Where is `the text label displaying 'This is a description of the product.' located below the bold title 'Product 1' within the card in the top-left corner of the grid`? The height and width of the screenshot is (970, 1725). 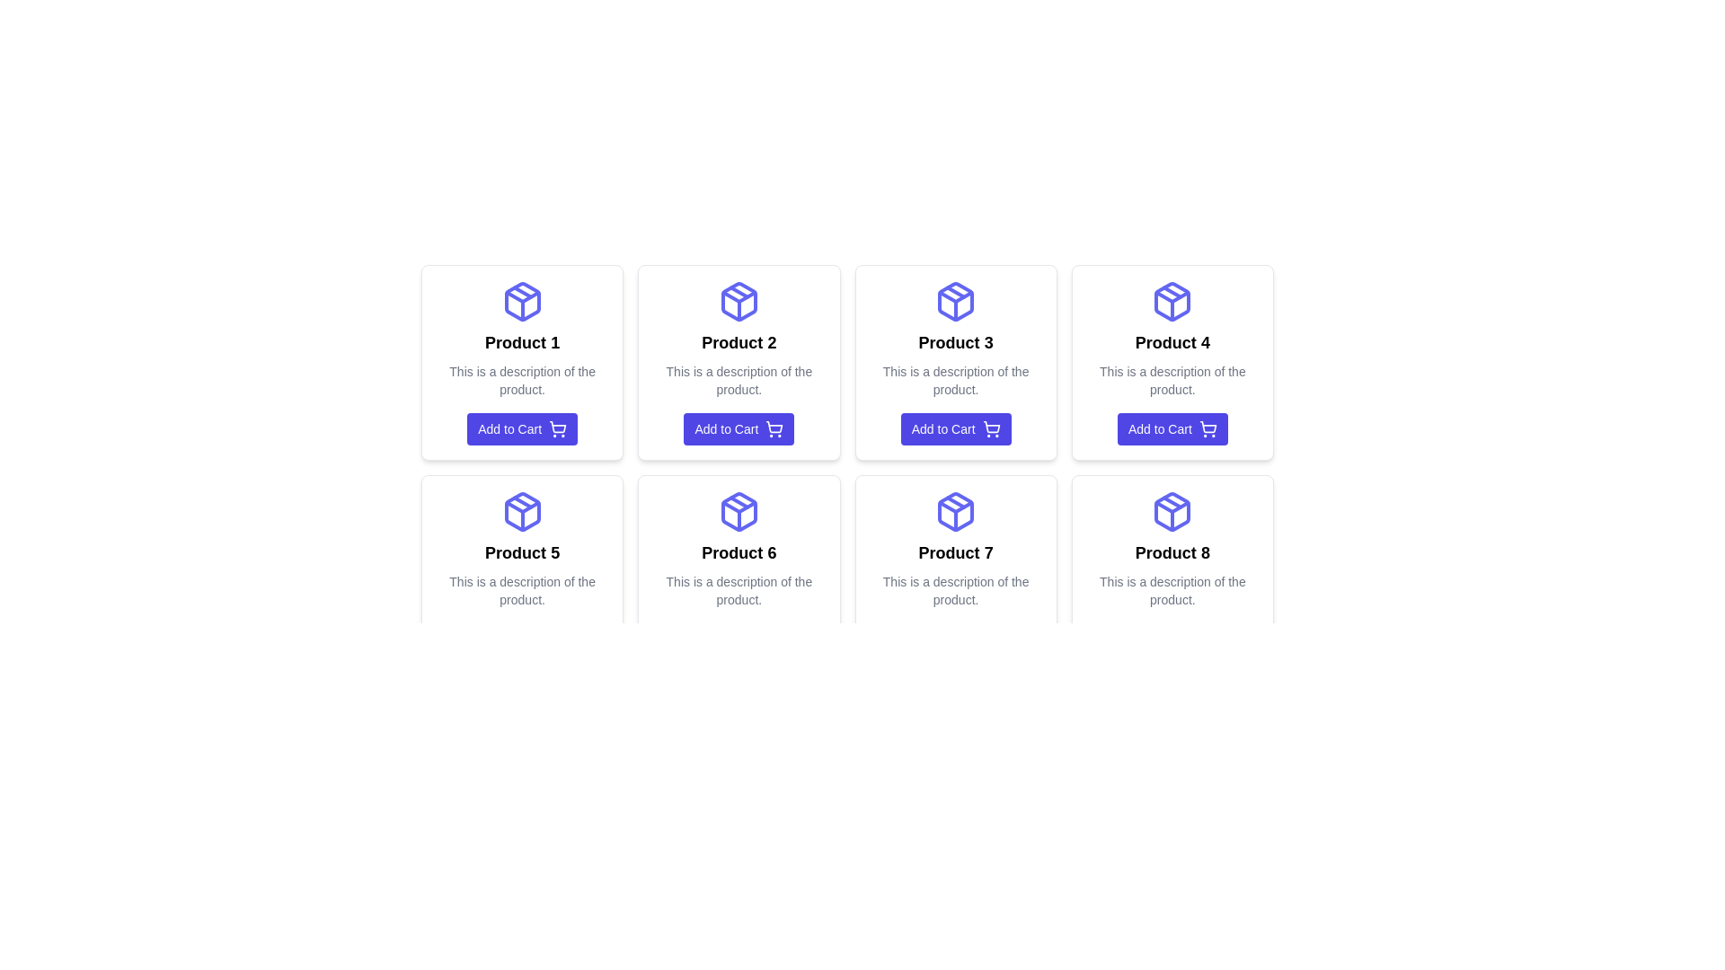
the text label displaying 'This is a description of the product.' located below the bold title 'Product 1' within the card in the top-left corner of the grid is located at coordinates (521, 380).